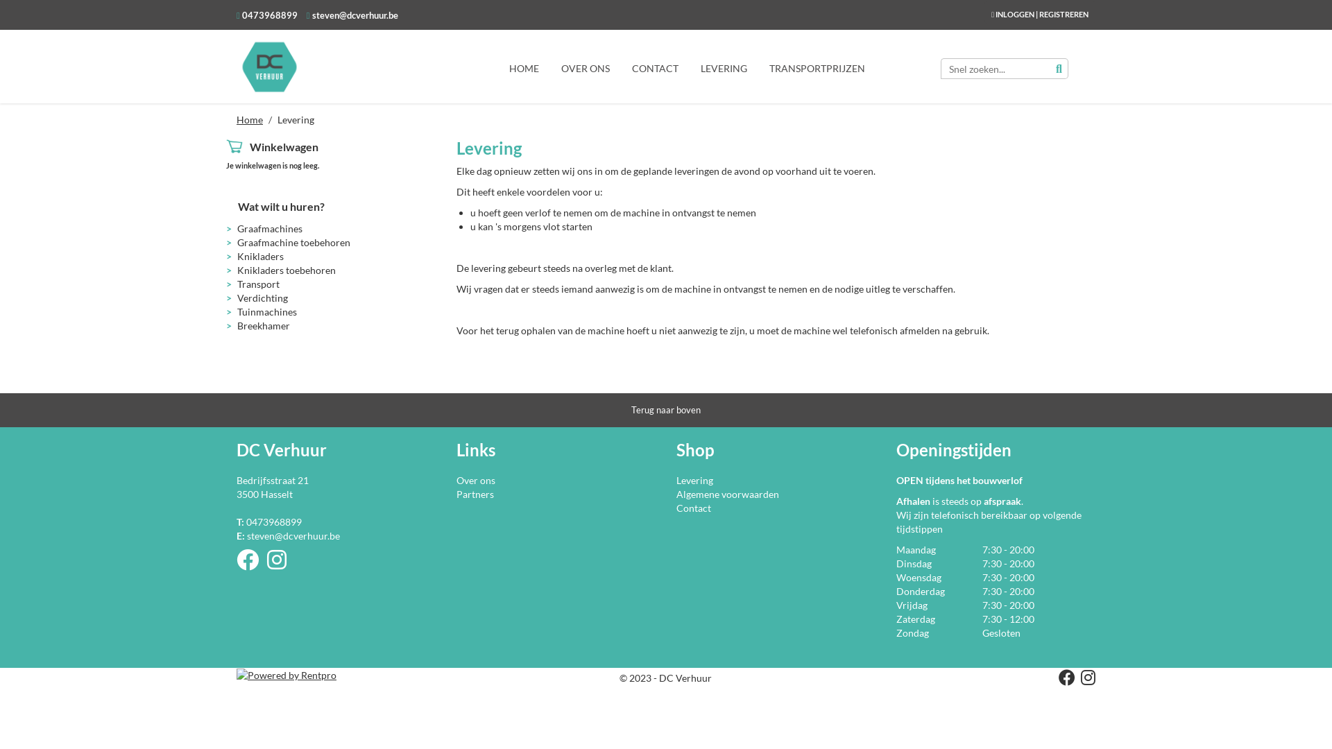 This screenshot has width=1332, height=749. Describe the element at coordinates (287, 535) in the screenshot. I see `'E: steven@dcverhuur.be'` at that location.